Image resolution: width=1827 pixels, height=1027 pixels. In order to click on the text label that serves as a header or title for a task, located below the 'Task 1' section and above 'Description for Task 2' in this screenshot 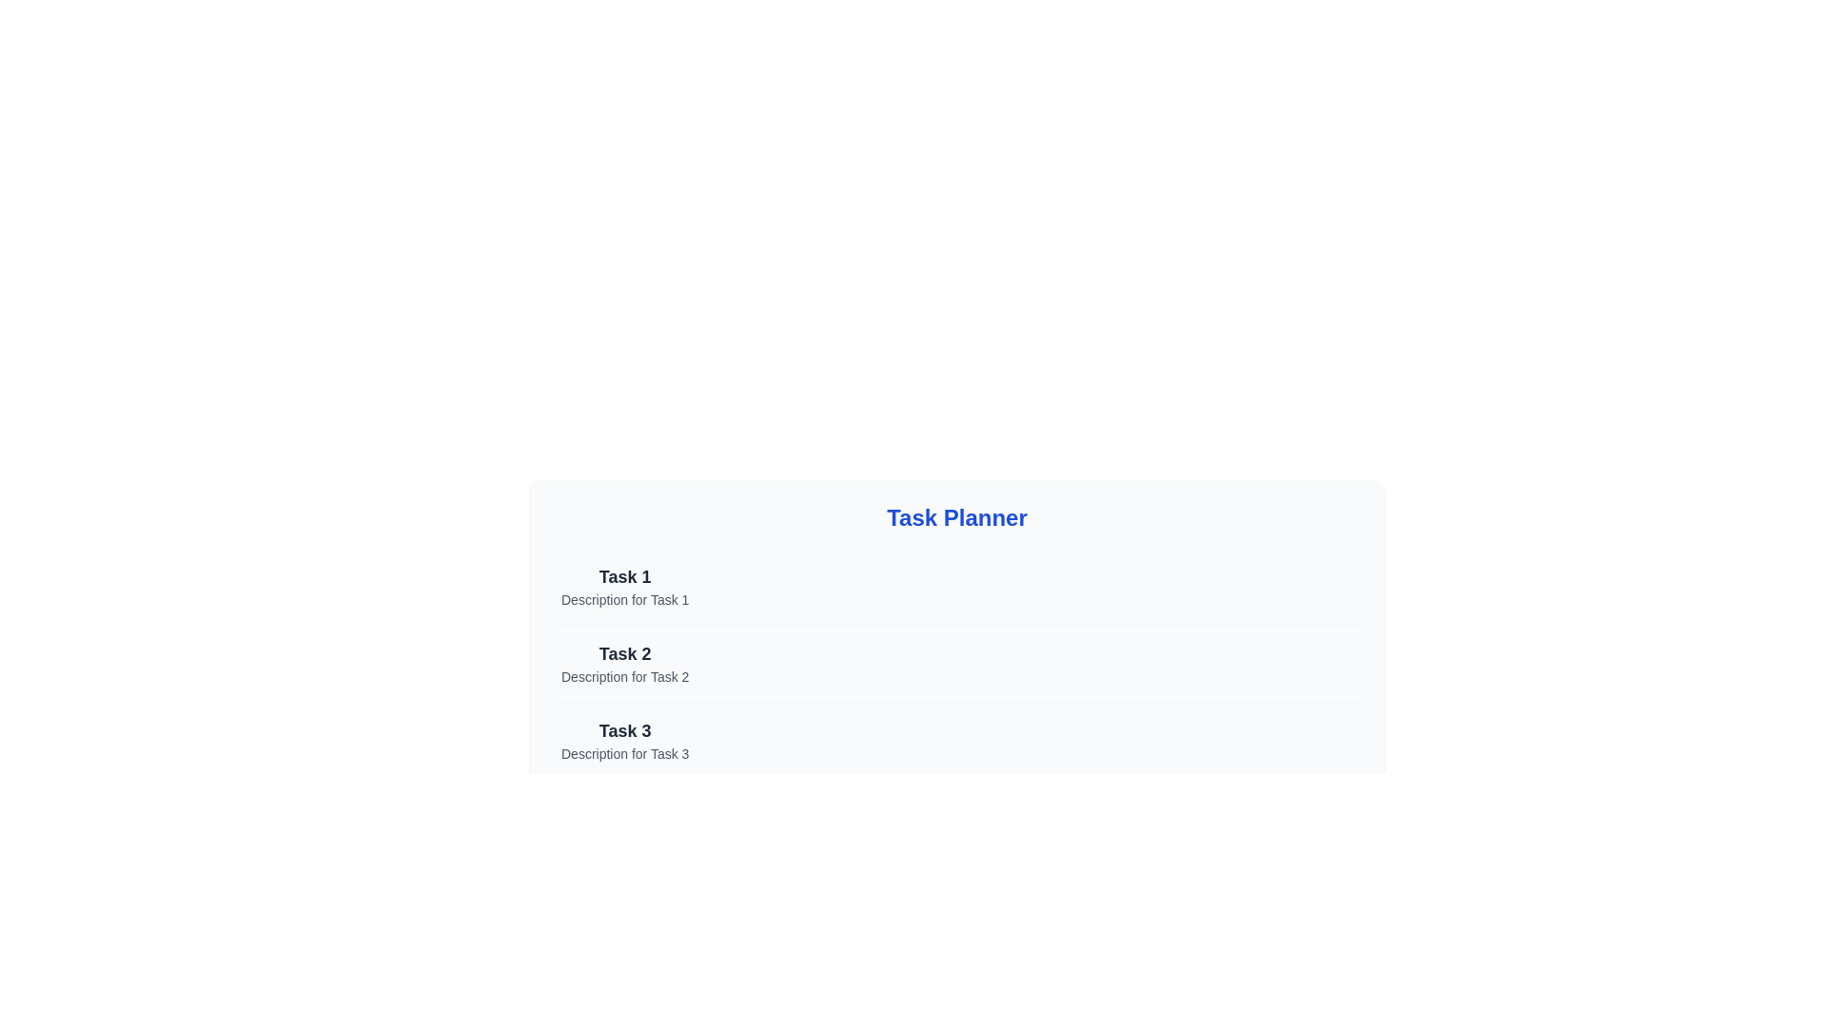, I will do `click(625, 652)`.